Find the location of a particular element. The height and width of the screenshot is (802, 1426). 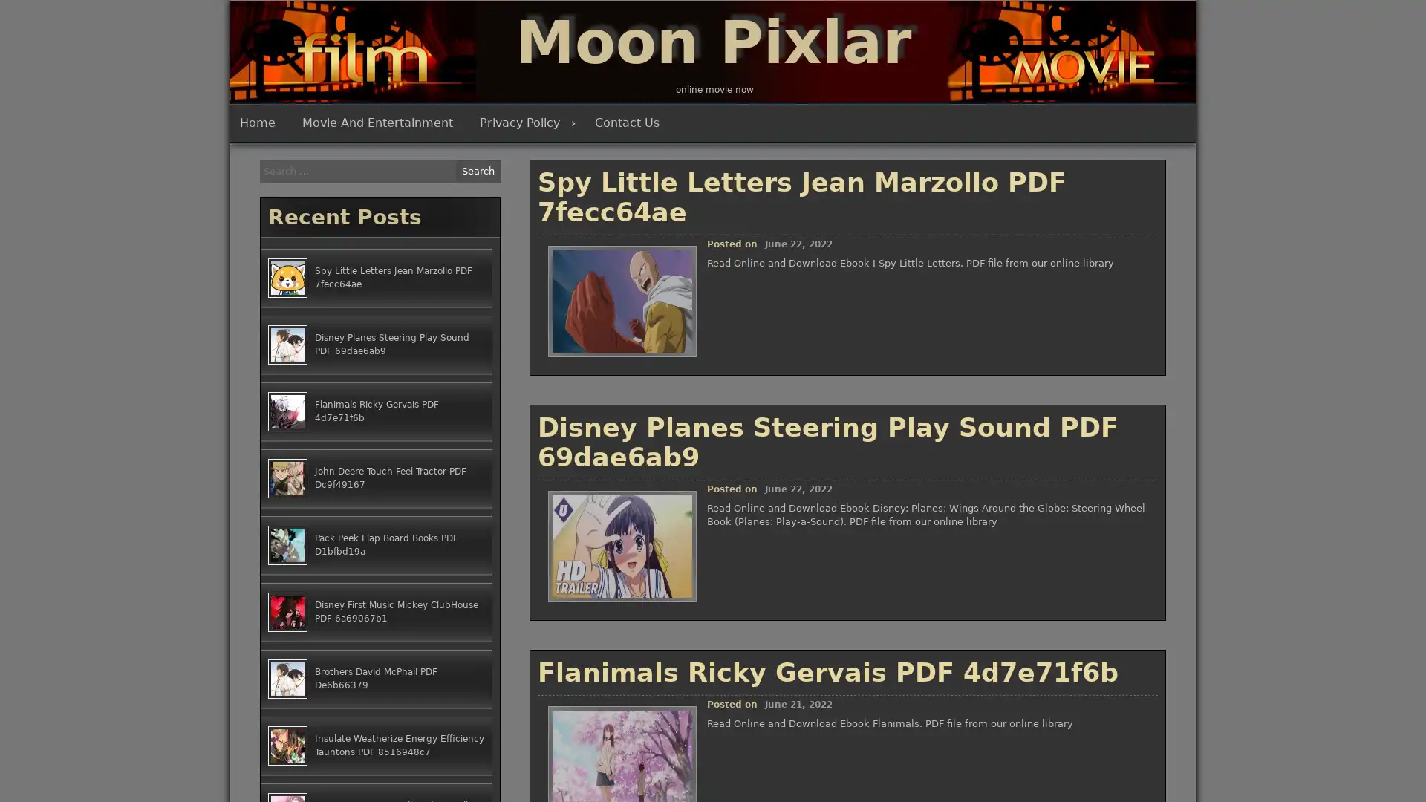

Search is located at coordinates (478, 170).